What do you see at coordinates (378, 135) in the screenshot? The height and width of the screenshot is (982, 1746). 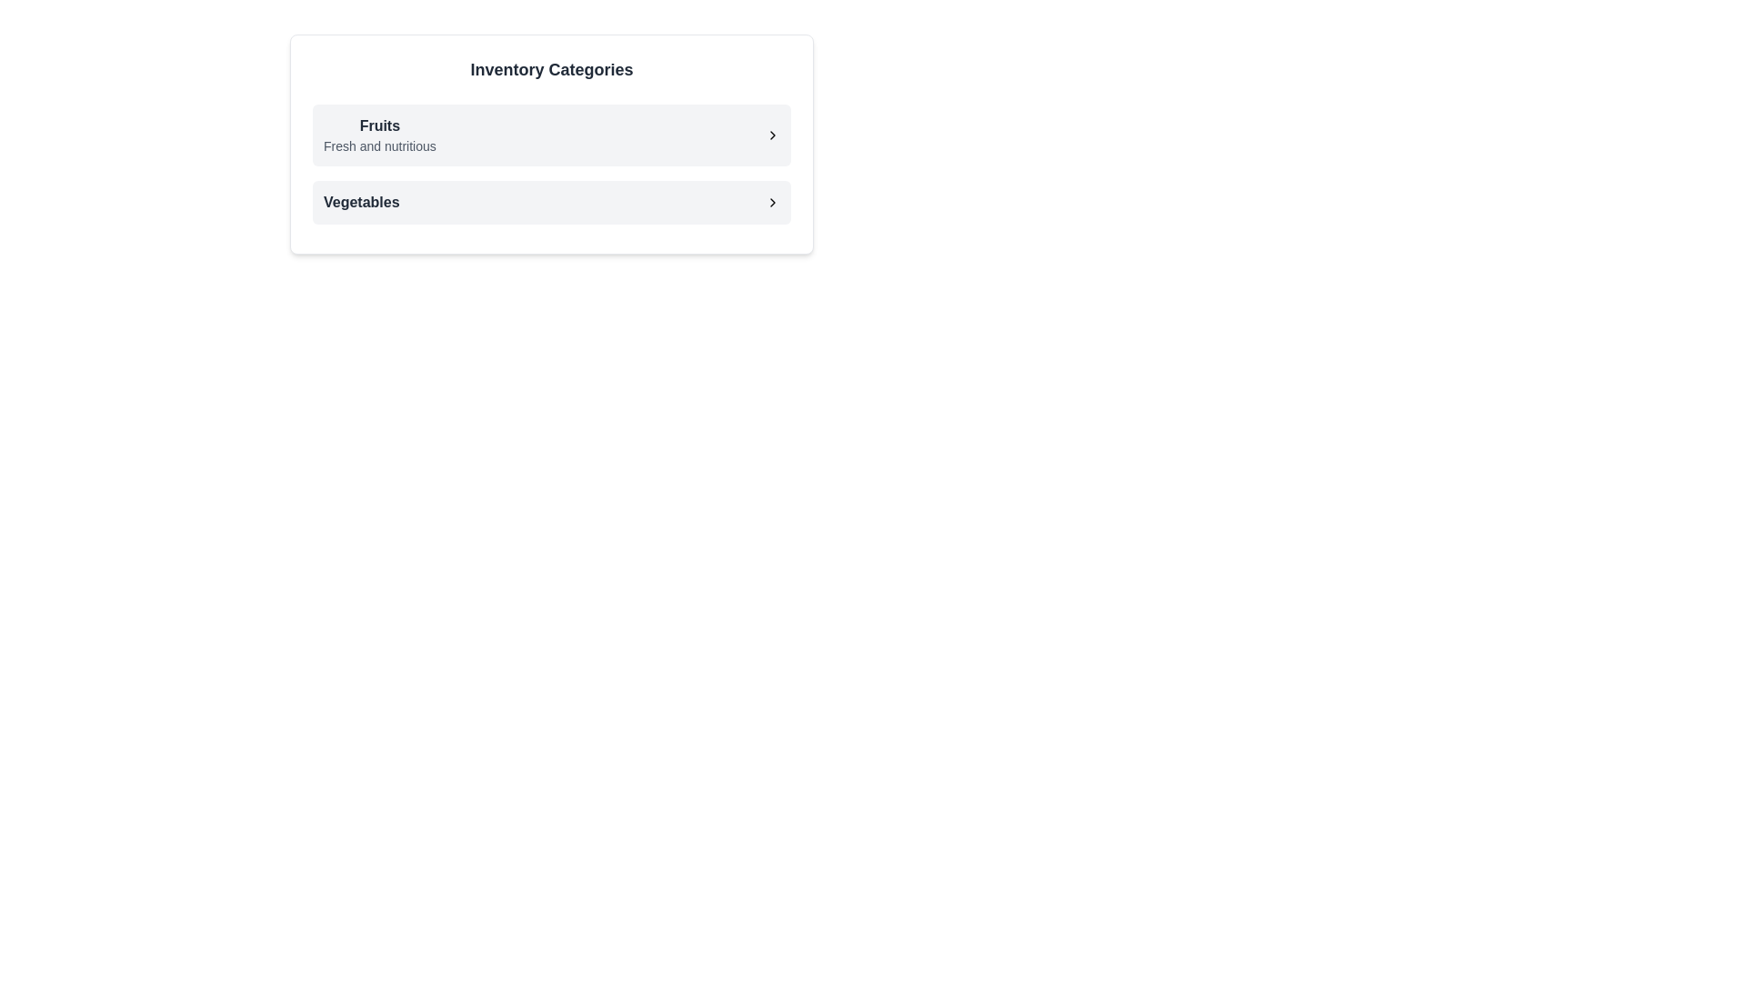 I see `the 'Fruits' category label` at bounding box center [378, 135].